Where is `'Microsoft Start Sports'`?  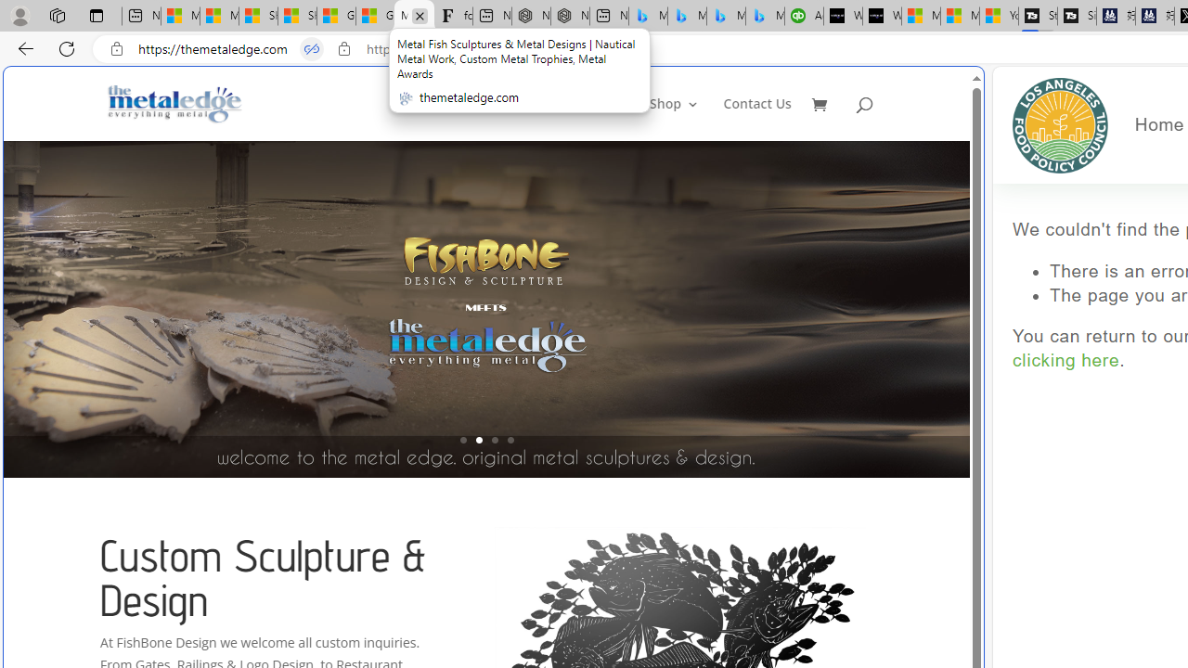
'Microsoft Start Sports' is located at coordinates (921, 16).